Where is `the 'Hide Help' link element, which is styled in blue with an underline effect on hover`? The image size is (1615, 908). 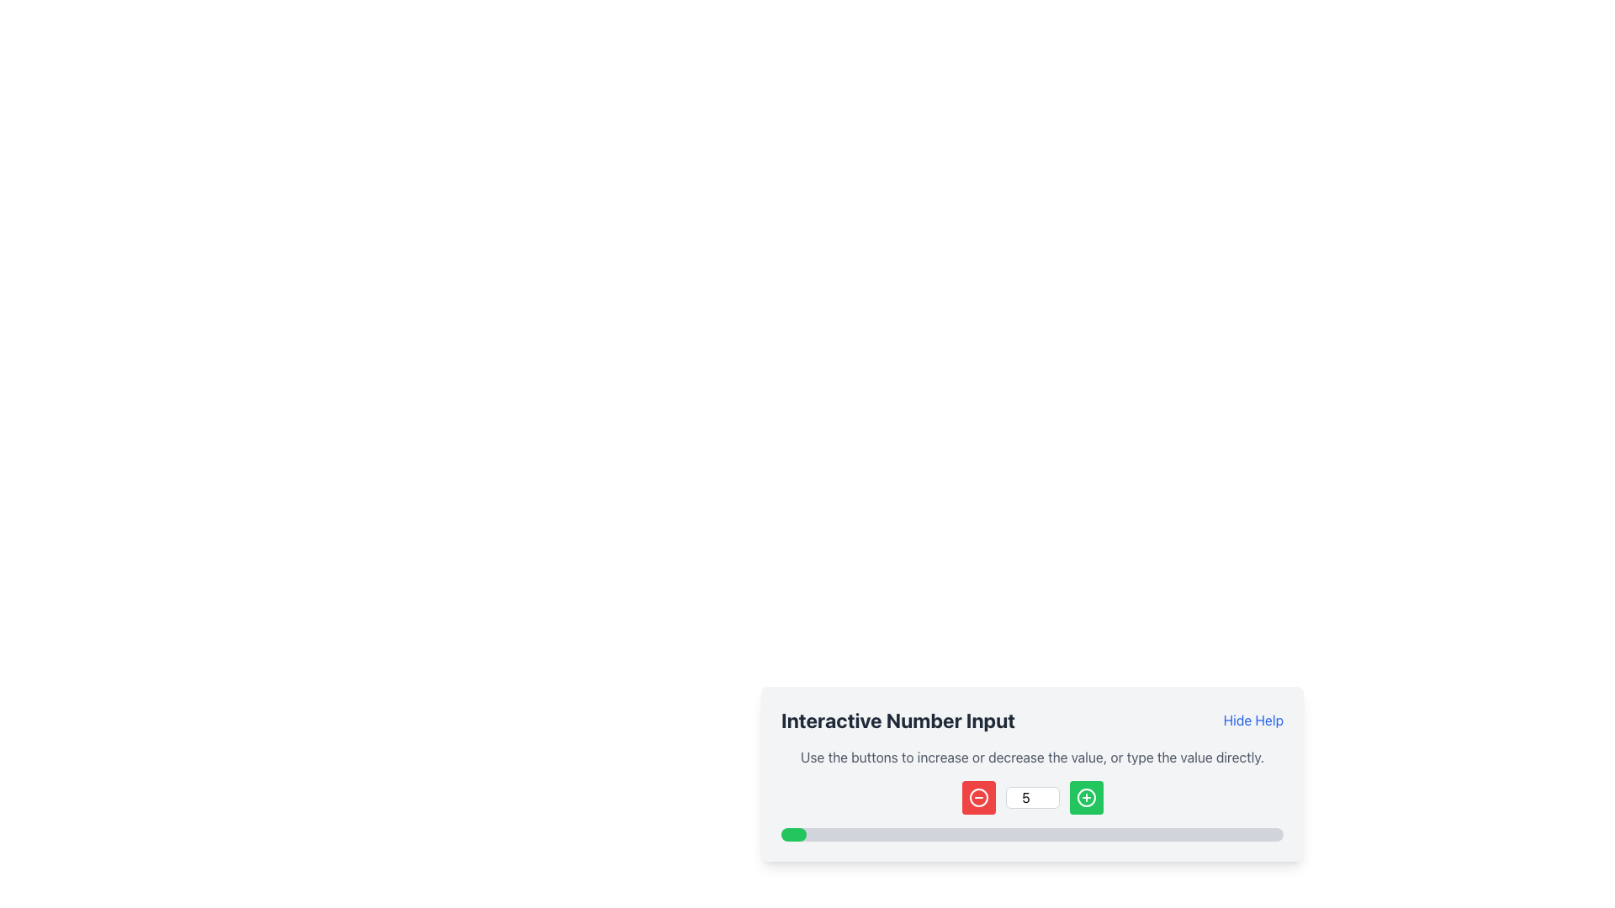 the 'Hide Help' link element, which is styled in blue with an underline effect on hover is located at coordinates (1252, 719).